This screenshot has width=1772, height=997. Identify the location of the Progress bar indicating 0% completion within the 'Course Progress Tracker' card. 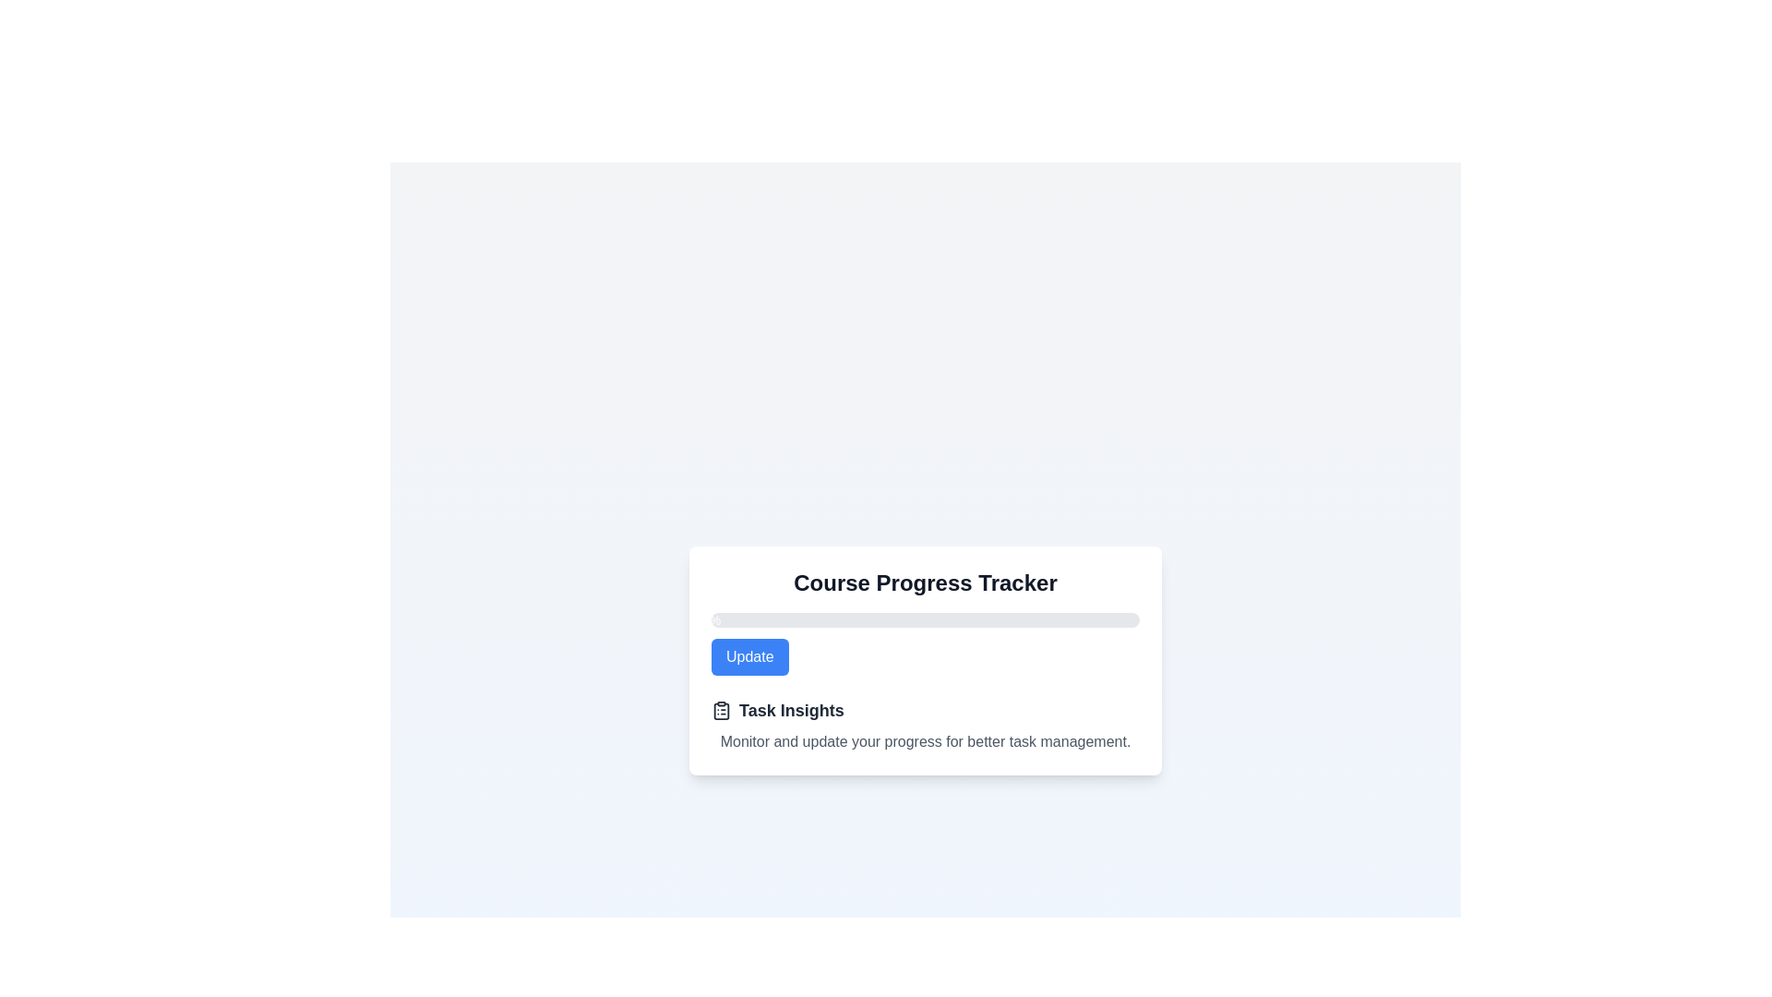
(926, 619).